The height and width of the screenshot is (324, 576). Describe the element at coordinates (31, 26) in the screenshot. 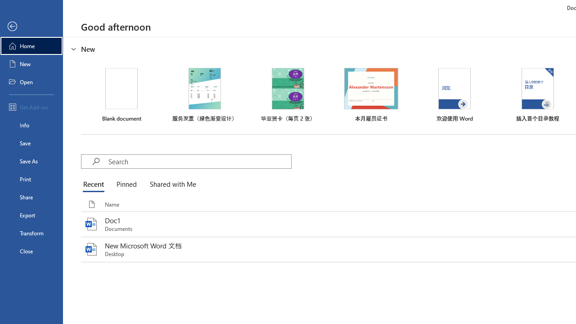

I see `'Back'` at that location.